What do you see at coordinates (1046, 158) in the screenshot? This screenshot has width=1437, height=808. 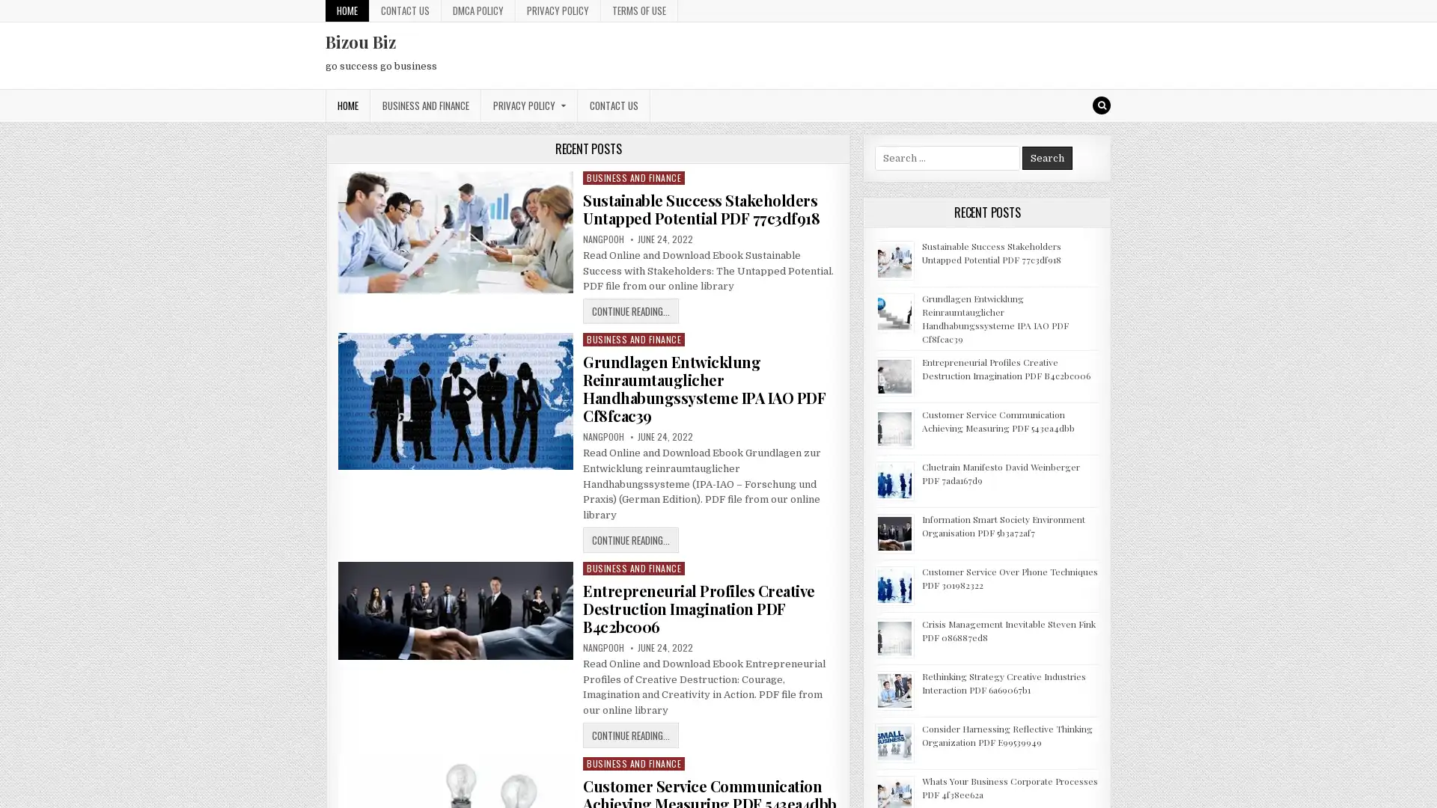 I see `Search` at bounding box center [1046, 158].